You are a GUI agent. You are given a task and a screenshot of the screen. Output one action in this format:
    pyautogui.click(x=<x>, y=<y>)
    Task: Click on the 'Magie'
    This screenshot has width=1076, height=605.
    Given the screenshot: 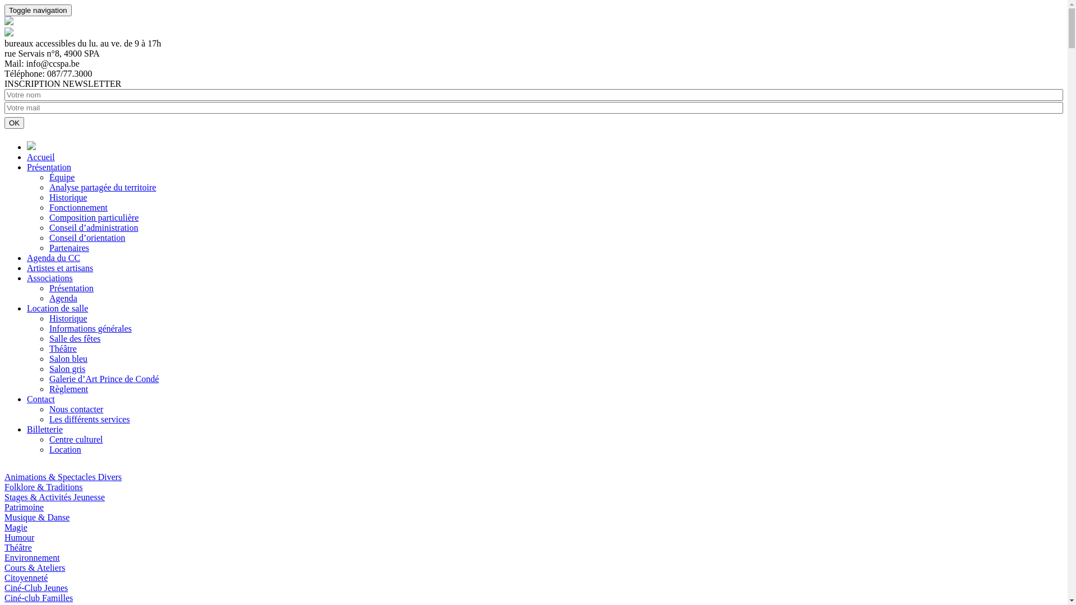 What is the action you would take?
    pyautogui.click(x=4, y=527)
    